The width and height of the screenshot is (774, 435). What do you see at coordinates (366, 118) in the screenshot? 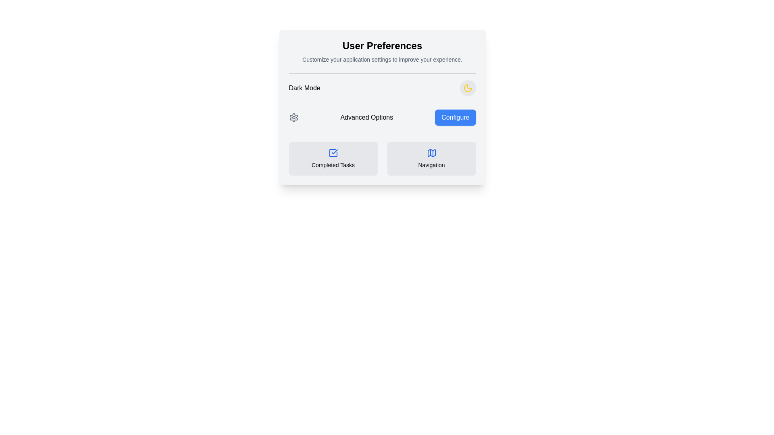
I see `the advanced settings label located between the gear icon and the 'Configure' button` at bounding box center [366, 118].